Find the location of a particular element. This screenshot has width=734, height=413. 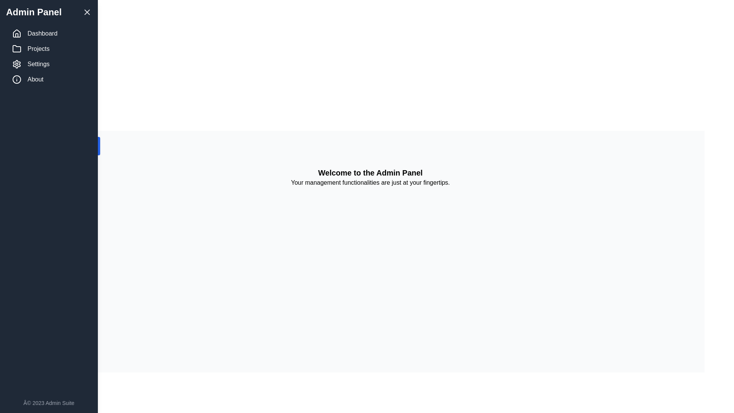

the folder-shaped icon with rounded corners and a tab-like extension located in the navigation menu is located at coordinates (16, 49).